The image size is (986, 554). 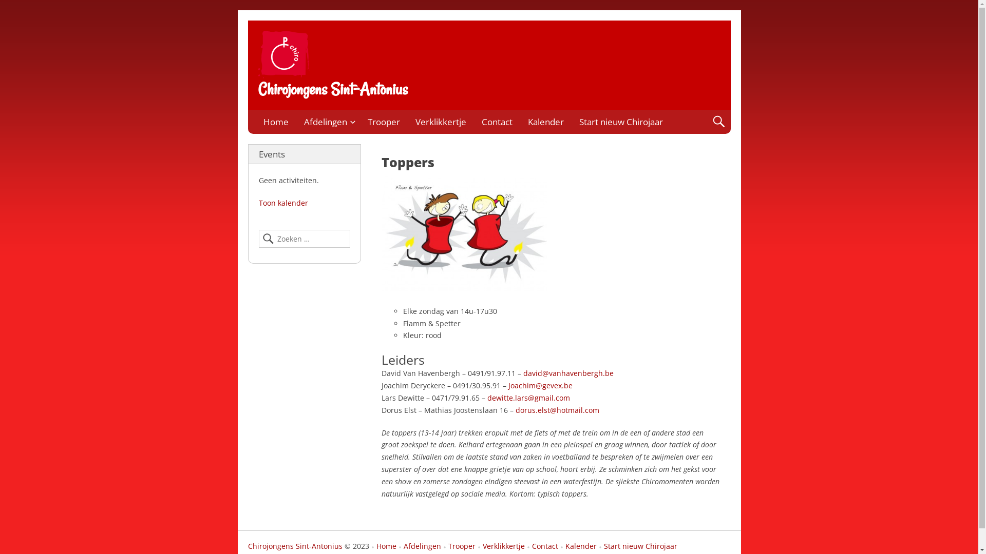 What do you see at coordinates (541, 546) in the screenshot?
I see `'Contact'` at bounding box center [541, 546].